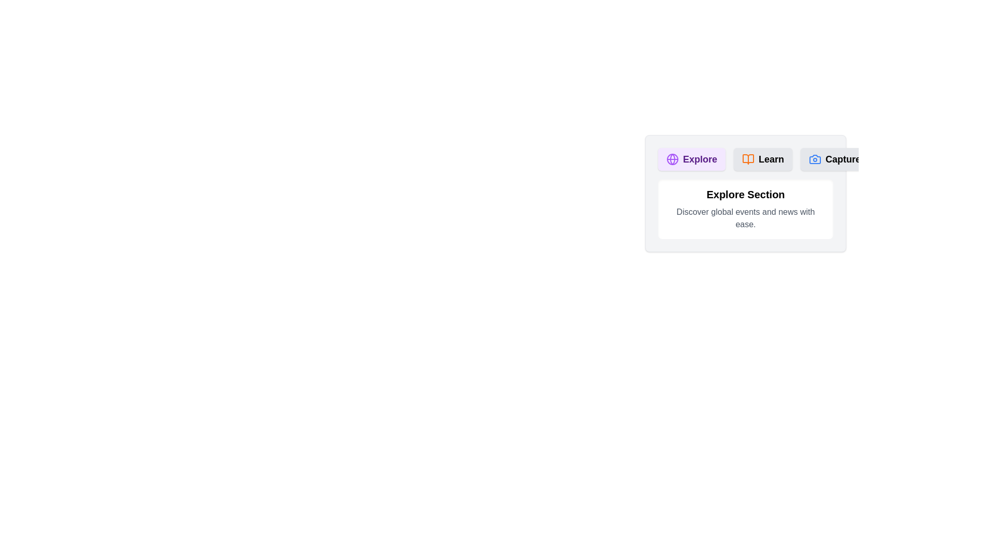  Describe the element at coordinates (763, 159) in the screenshot. I see `the Learn tab to view its content` at that location.